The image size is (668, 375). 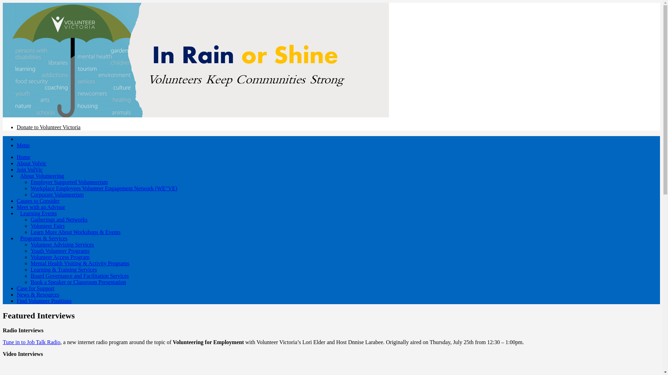 What do you see at coordinates (64, 269) in the screenshot?
I see `'Learning & Training Services'` at bounding box center [64, 269].